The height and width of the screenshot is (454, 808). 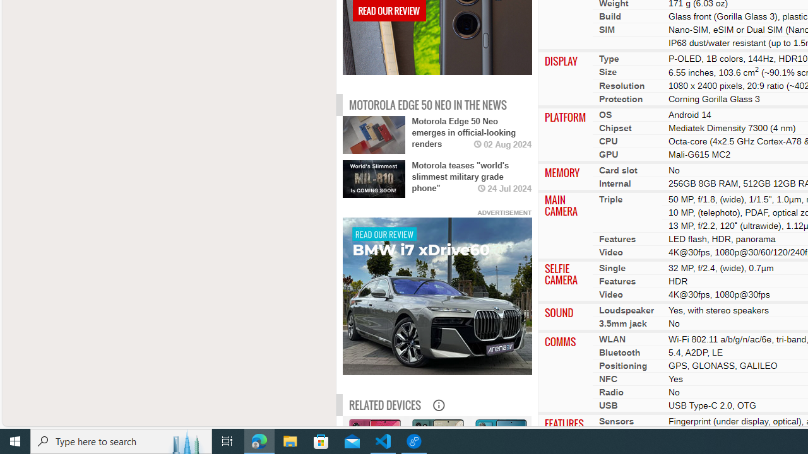 What do you see at coordinates (608, 71) in the screenshot?
I see `'Size'` at bounding box center [608, 71].